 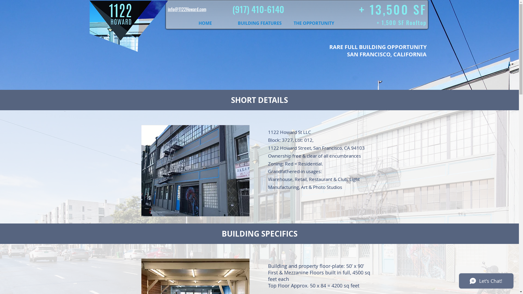 What do you see at coordinates (314, 23) in the screenshot?
I see `'THE OPPORTUNITY'` at bounding box center [314, 23].